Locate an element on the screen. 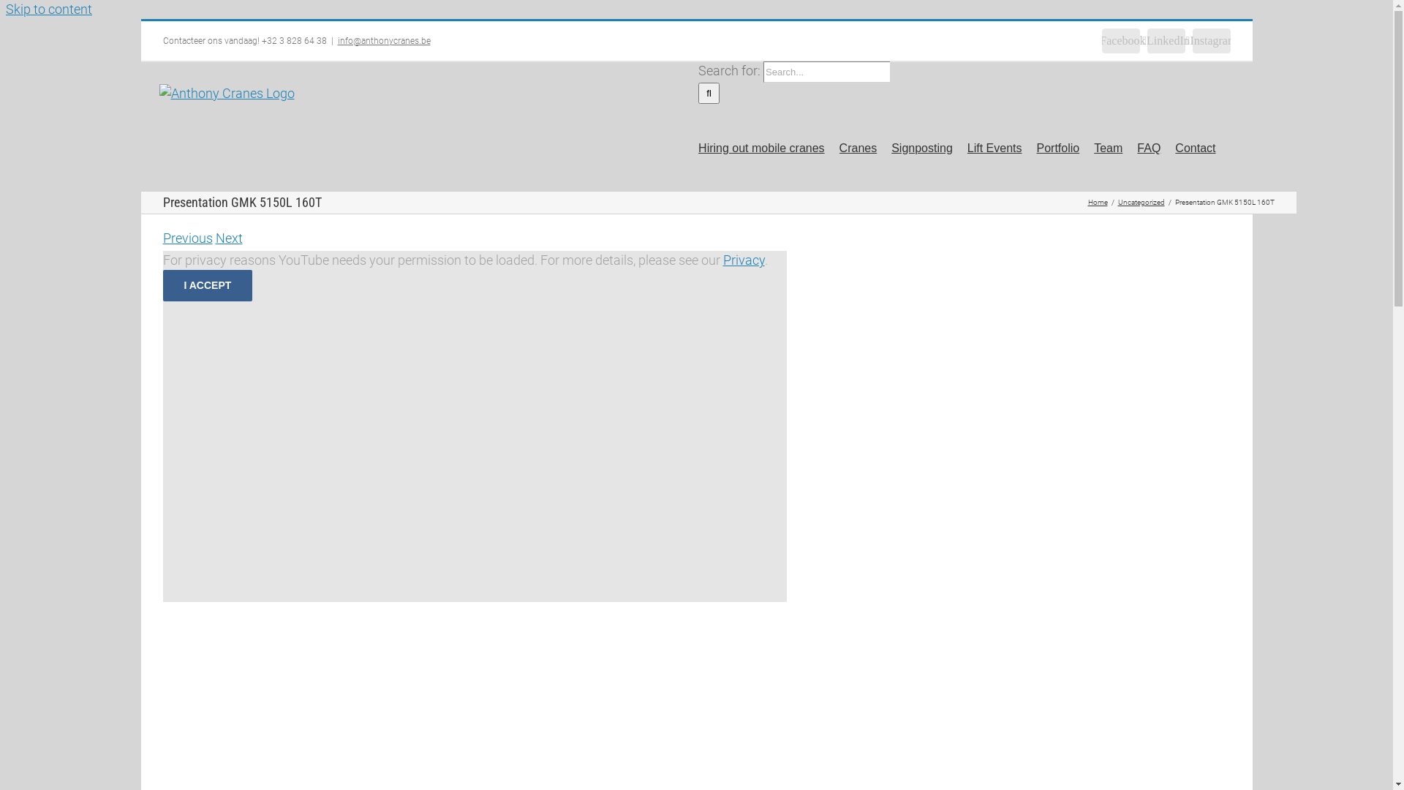 This screenshot has height=790, width=1404. 'info@anthonycranes.be' is located at coordinates (384, 40).